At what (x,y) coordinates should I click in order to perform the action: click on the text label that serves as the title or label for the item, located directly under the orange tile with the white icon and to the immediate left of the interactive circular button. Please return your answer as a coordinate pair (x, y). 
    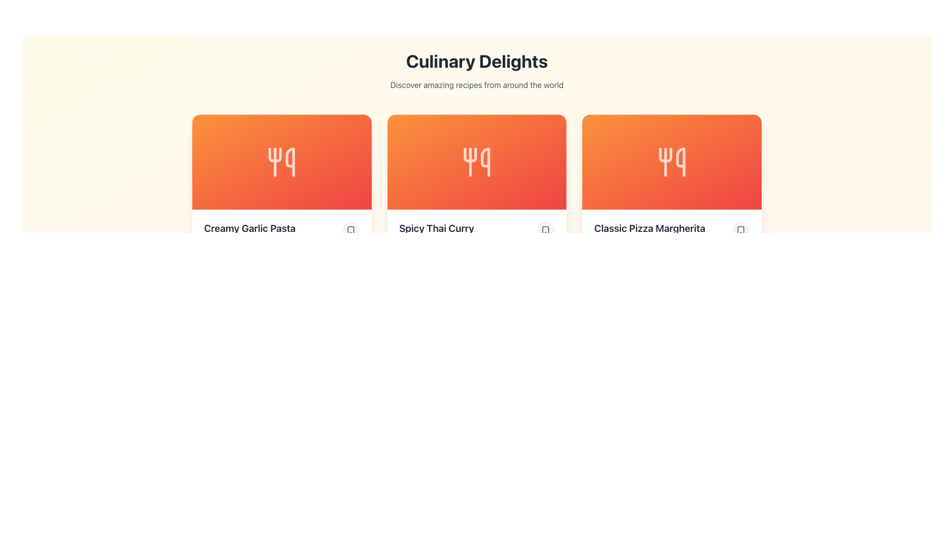
    Looking at the image, I should click on (649, 228).